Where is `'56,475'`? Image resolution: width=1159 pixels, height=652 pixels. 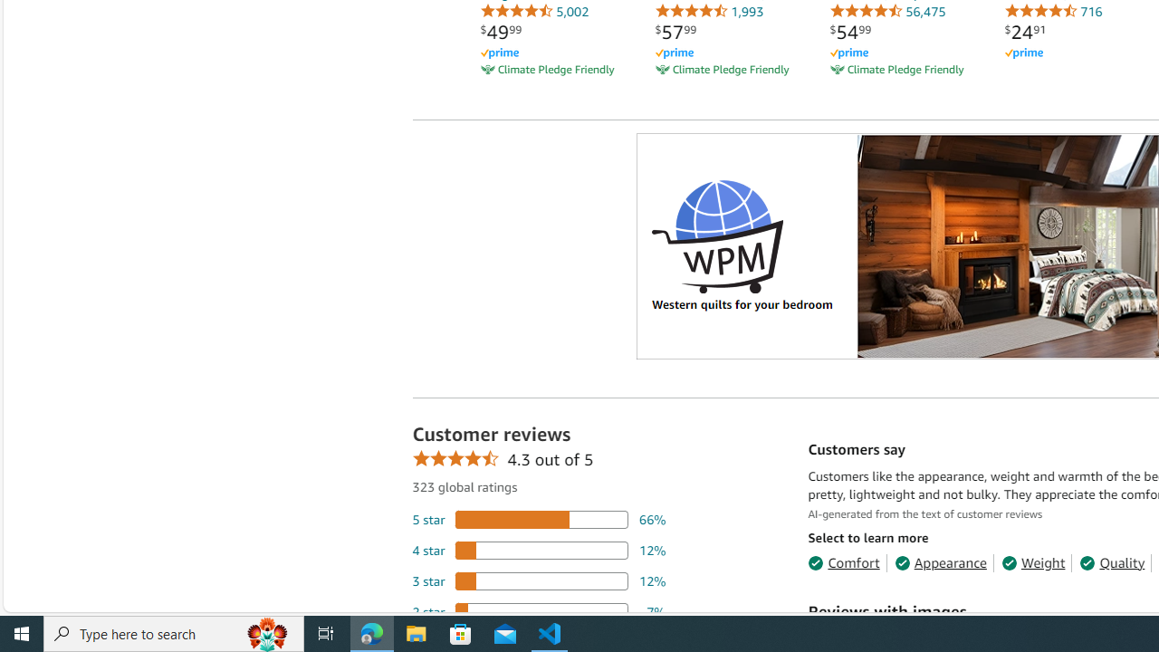 '56,475' is located at coordinates (887, 11).